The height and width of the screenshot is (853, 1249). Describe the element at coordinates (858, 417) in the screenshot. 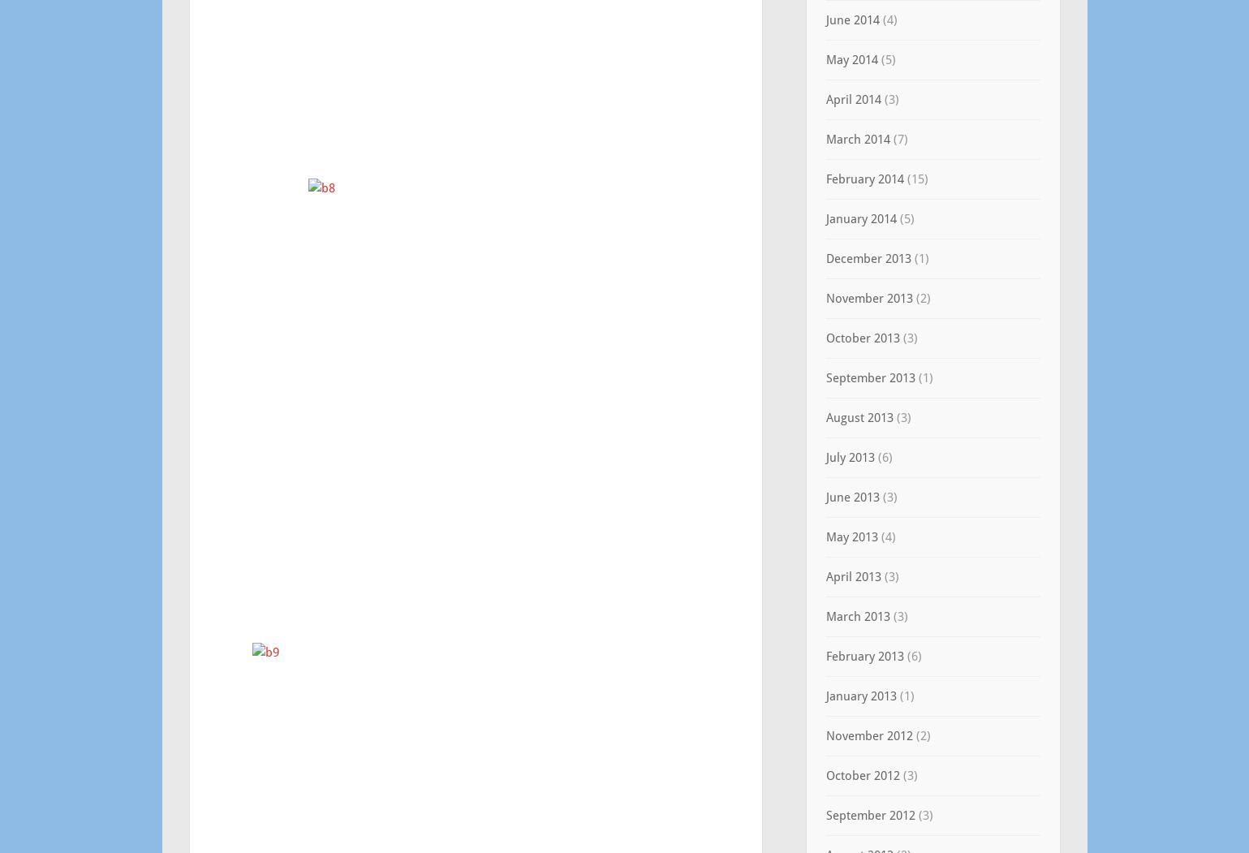

I see `'August 2013'` at that location.